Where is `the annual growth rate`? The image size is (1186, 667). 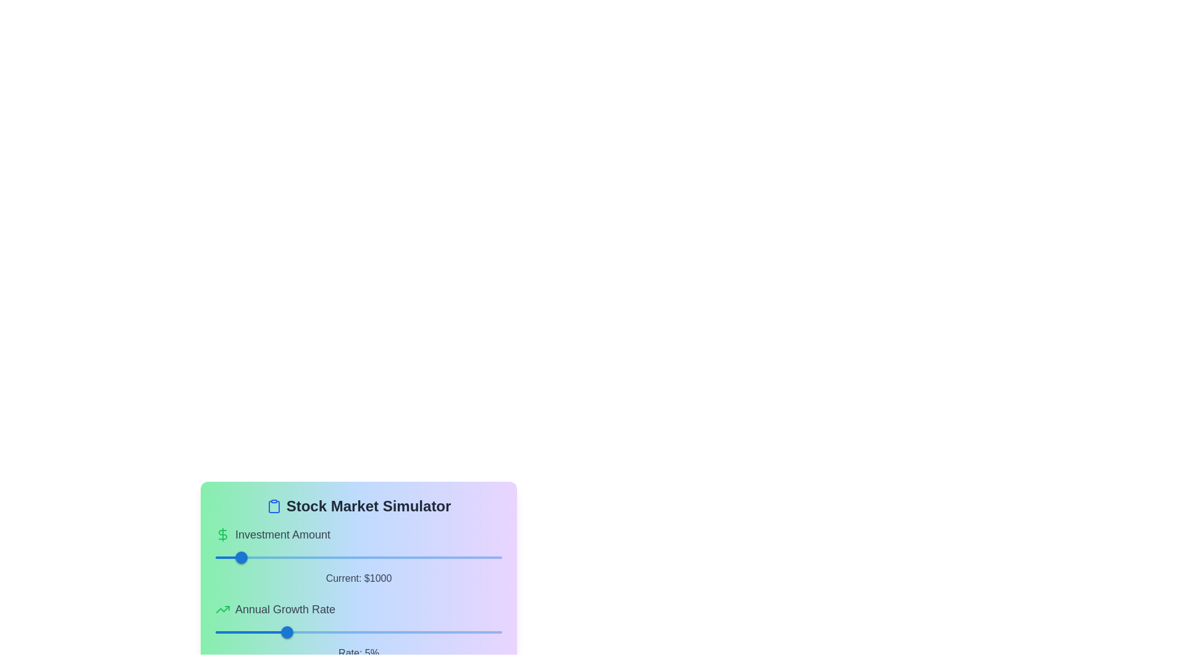
the annual growth rate is located at coordinates (424, 632).